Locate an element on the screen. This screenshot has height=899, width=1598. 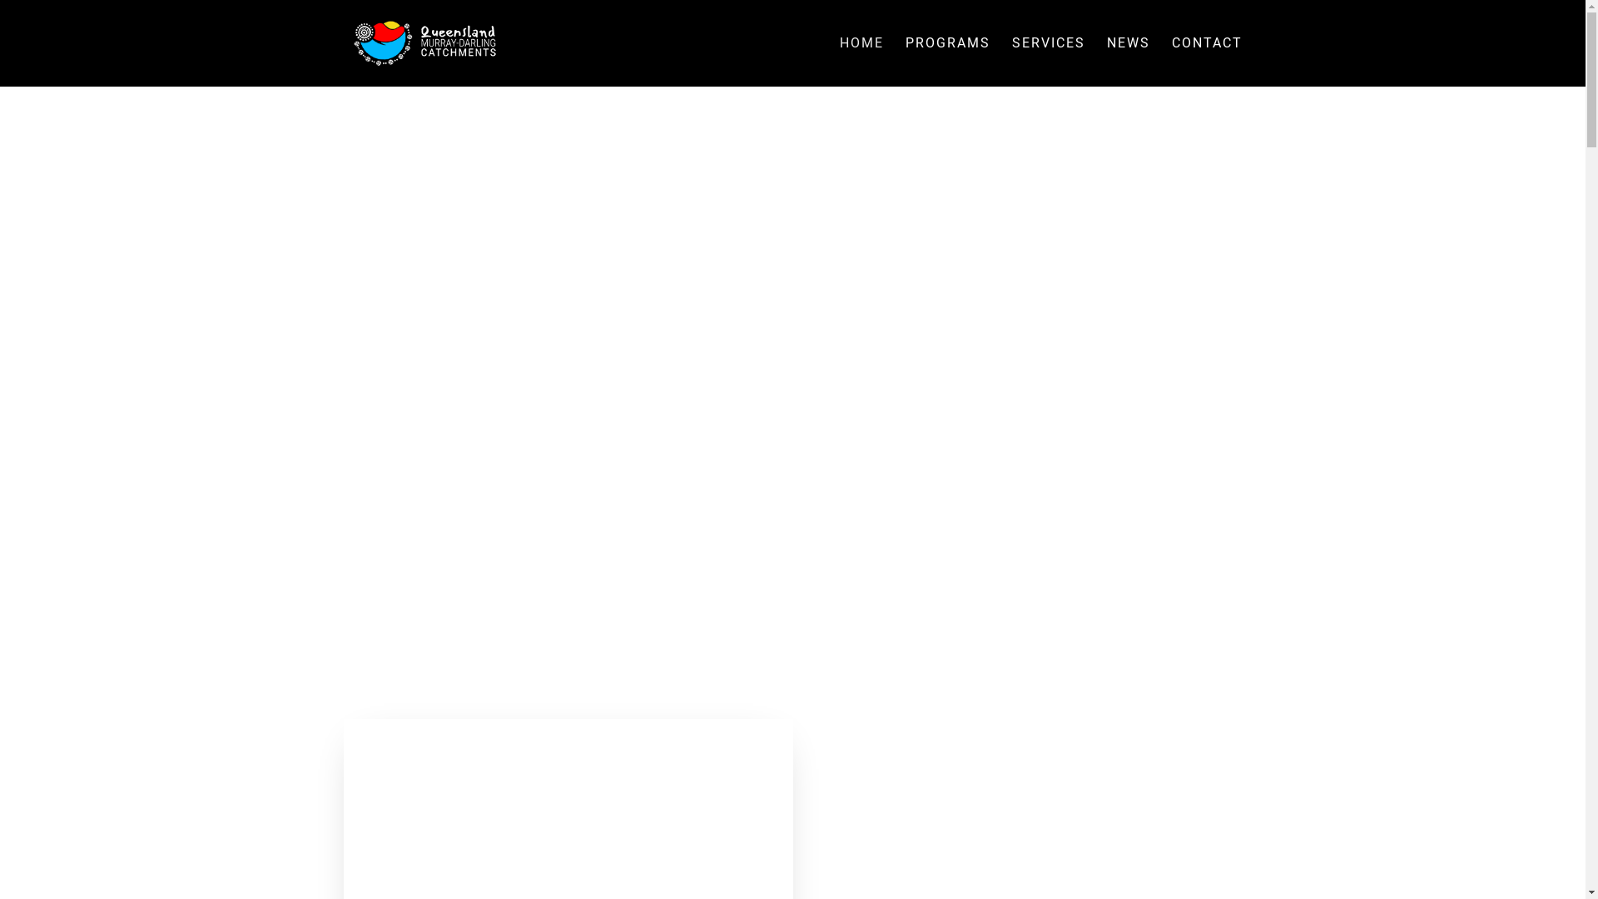
'SERVICES' is located at coordinates (1010, 61).